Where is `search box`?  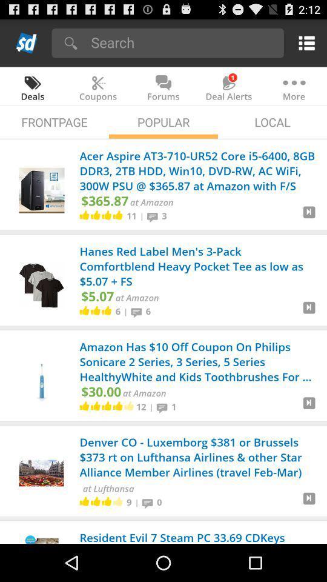
search box is located at coordinates (183, 42).